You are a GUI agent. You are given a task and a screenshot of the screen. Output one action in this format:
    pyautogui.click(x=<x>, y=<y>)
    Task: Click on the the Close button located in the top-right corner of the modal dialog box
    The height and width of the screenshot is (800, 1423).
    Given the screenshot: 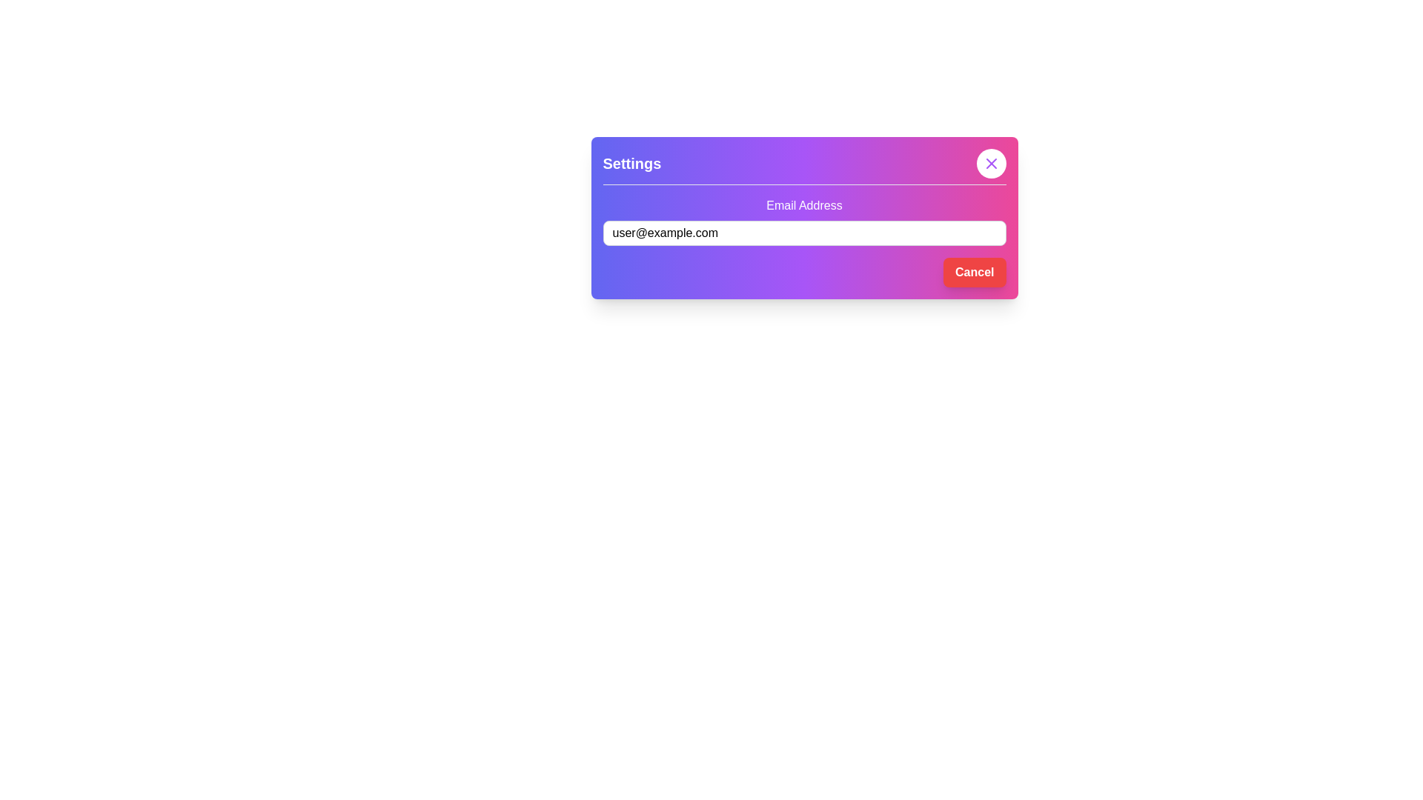 What is the action you would take?
    pyautogui.click(x=991, y=163)
    